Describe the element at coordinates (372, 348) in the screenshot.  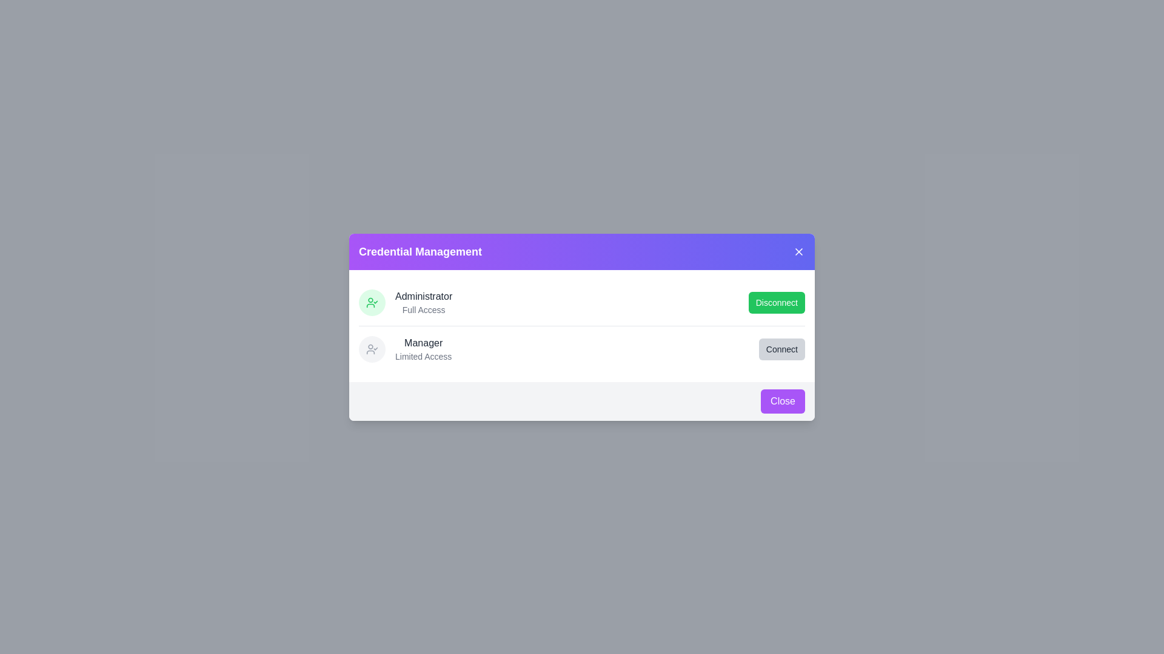
I see `the user profile icon with a checkmark in the upper section of the modal dialog, located near the left side, preceding the text 'Administrator' and 'Full Access'` at that location.